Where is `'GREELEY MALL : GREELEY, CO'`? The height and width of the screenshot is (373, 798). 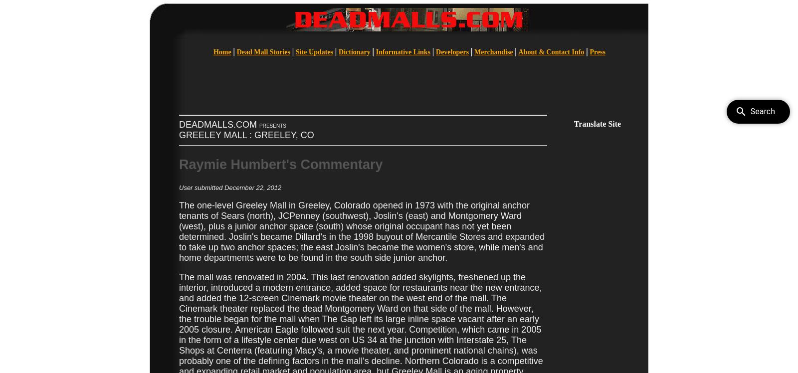
'GREELEY MALL : GREELEY, CO' is located at coordinates (179, 135).